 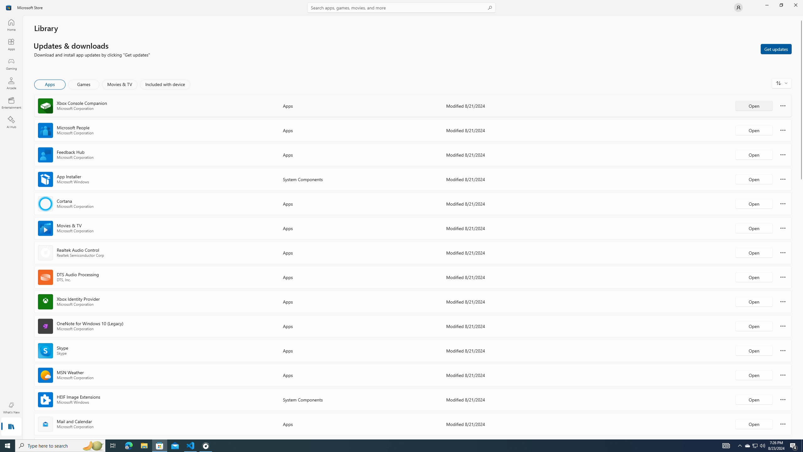 What do you see at coordinates (11, 122) in the screenshot?
I see `'AI Hub'` at bounding box center [11, 122].